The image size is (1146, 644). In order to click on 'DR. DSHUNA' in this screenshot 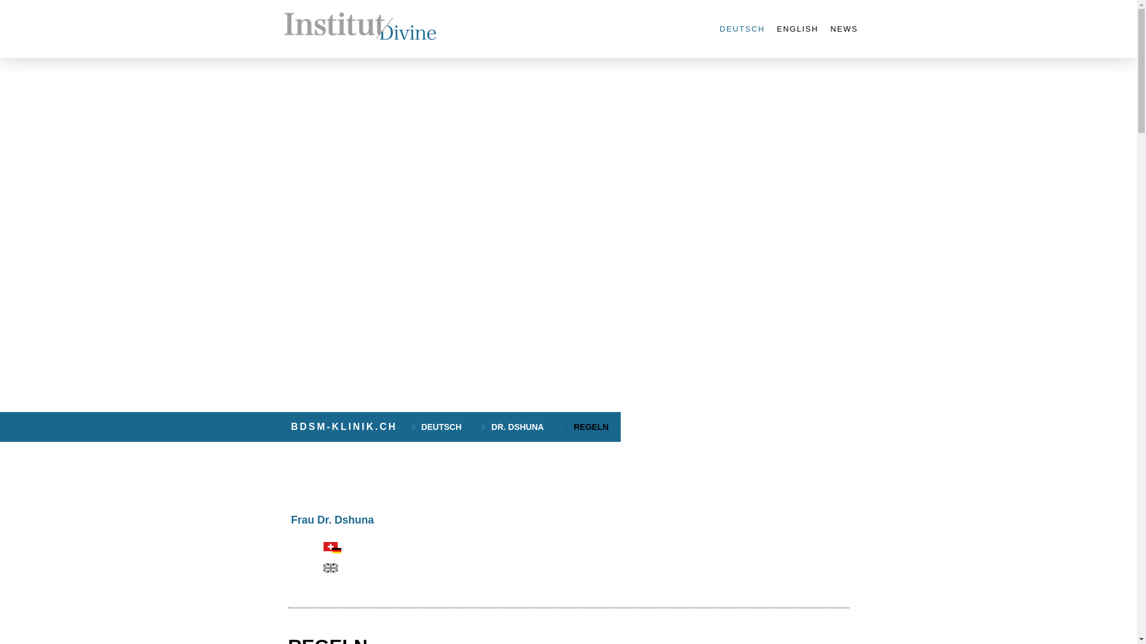, I will do `click(515, 426)`.